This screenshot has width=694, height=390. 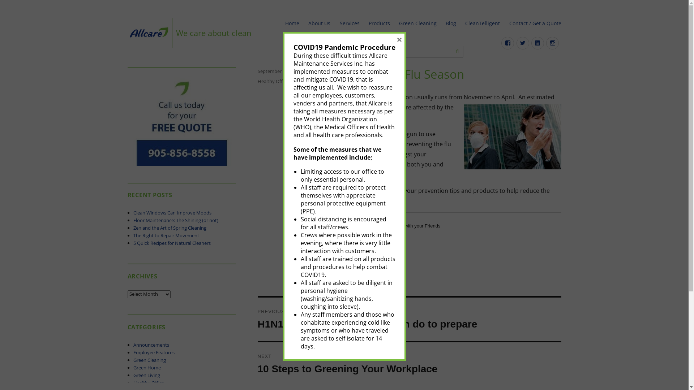 What do you see at coordinates (172, 212) in the screenshot?
I see `'Clean Windows Can Improve Moods'` at bounding box center [172, 212].